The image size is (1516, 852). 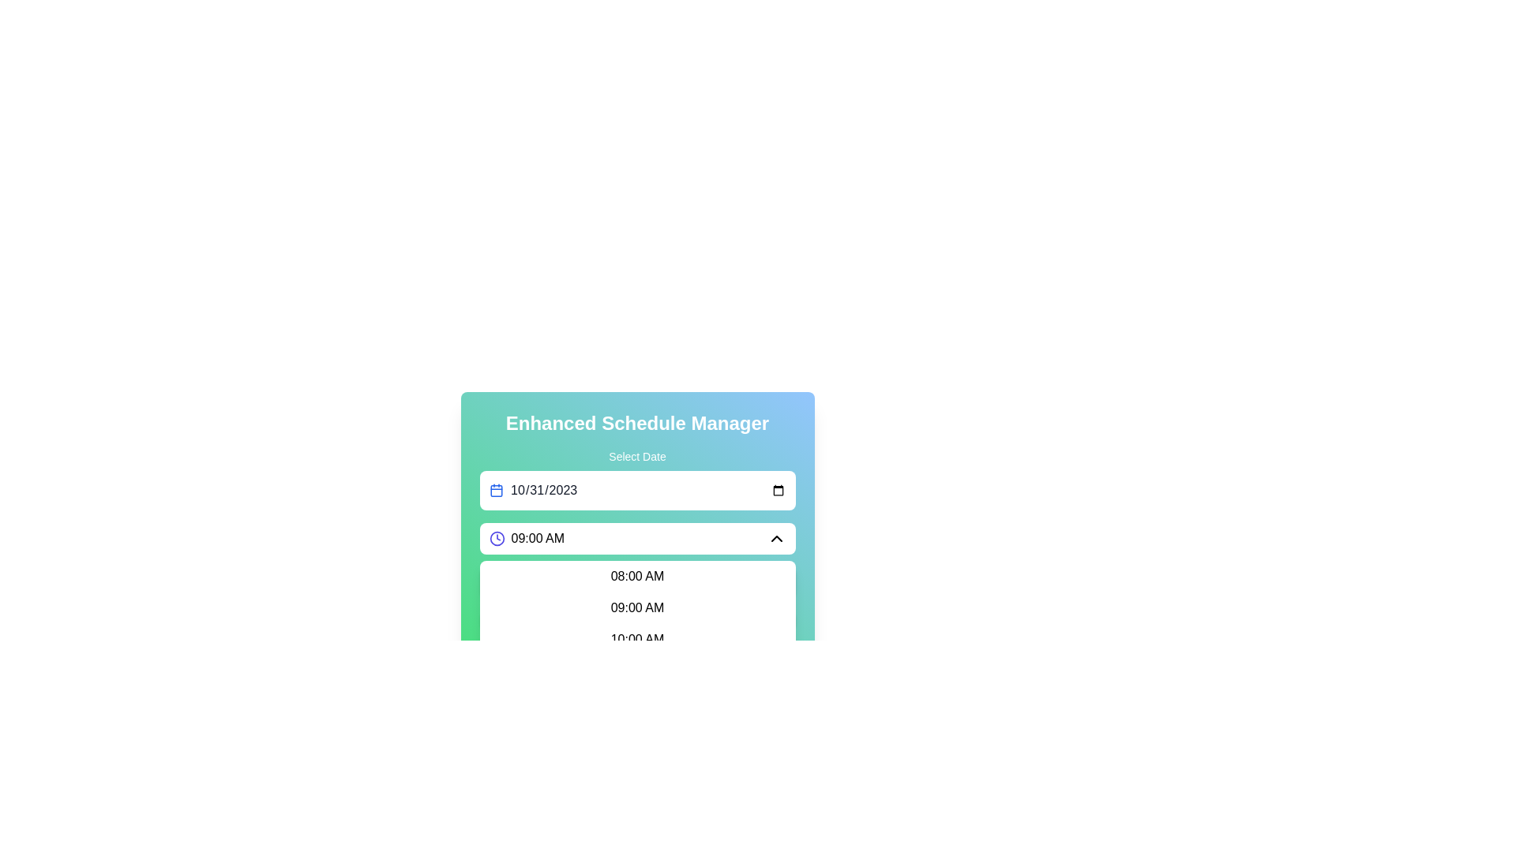 I want to click on the chevron icon pointing upwards located at the far-right of the '09:00 AM' time selection row to modify or adjust the time selection, so click(x=776, y=537).